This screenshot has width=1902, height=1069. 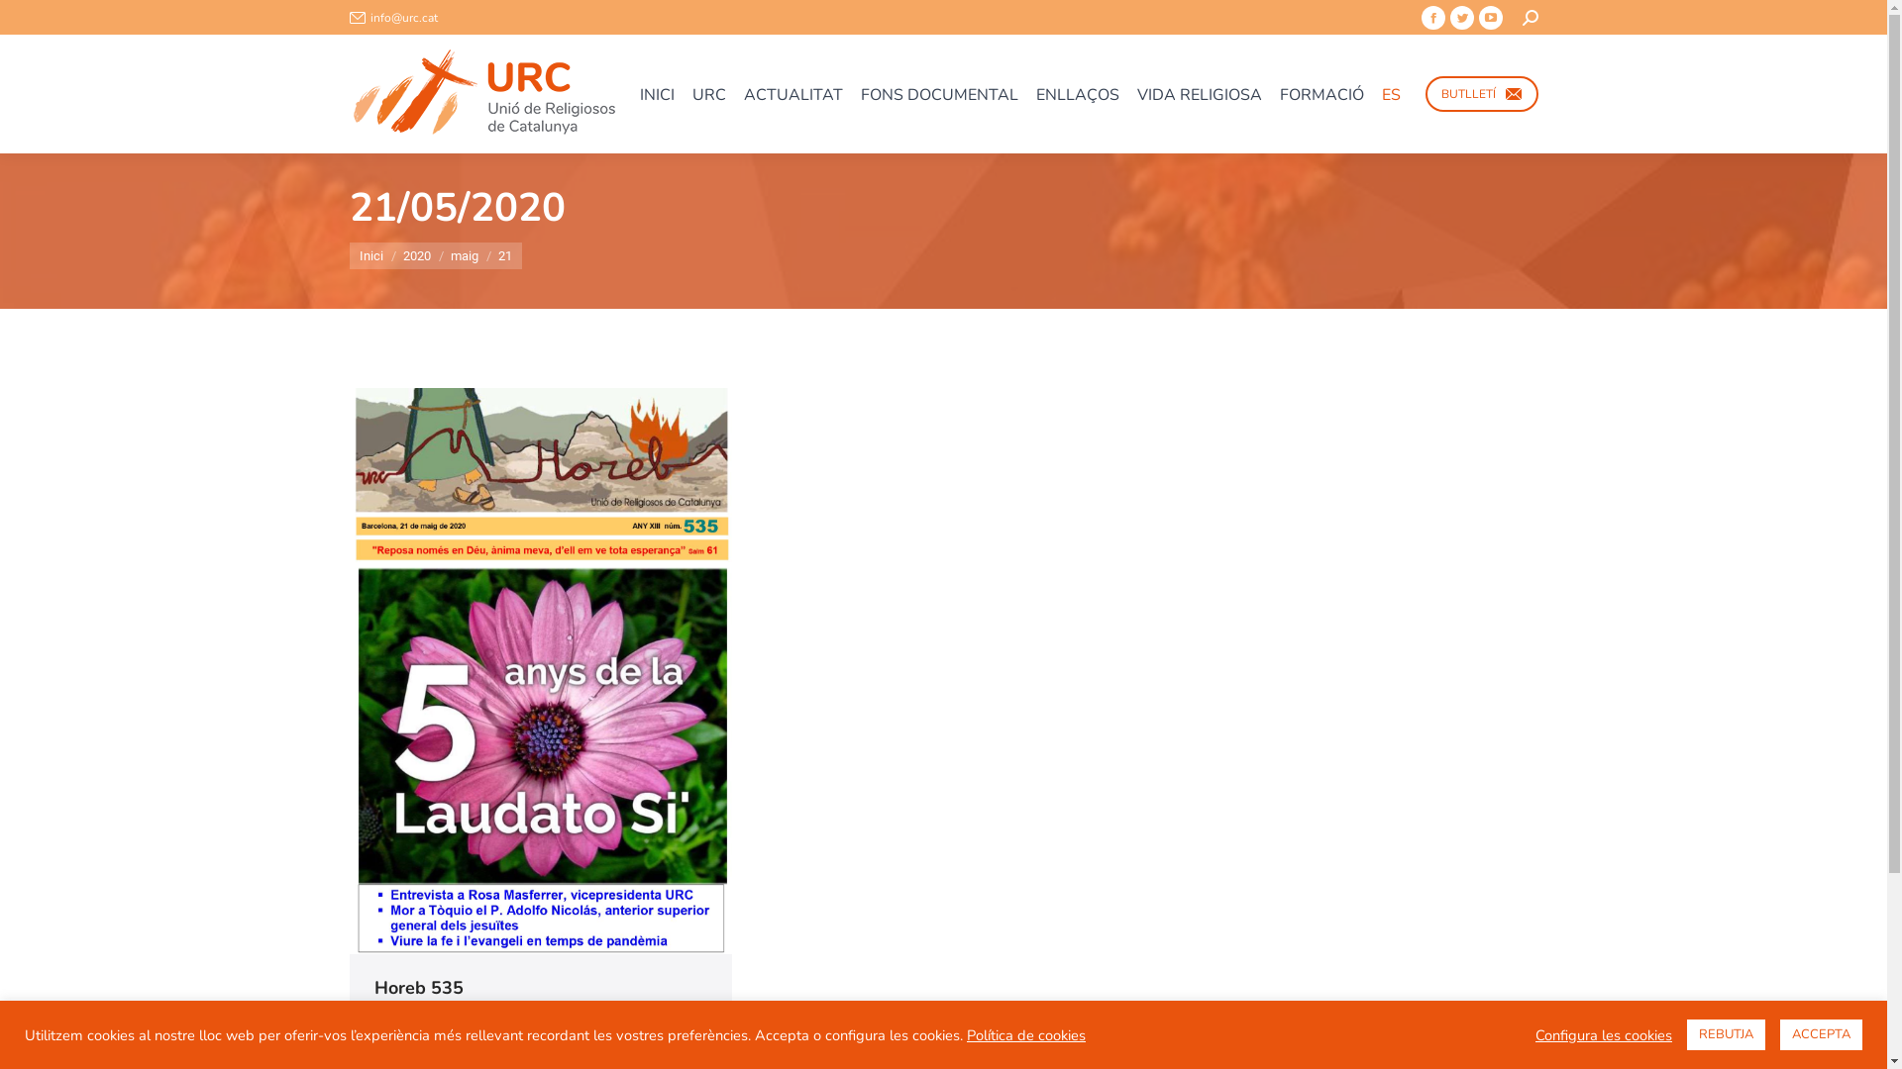 I want to click on 'URC', so click(x=708, y=94).